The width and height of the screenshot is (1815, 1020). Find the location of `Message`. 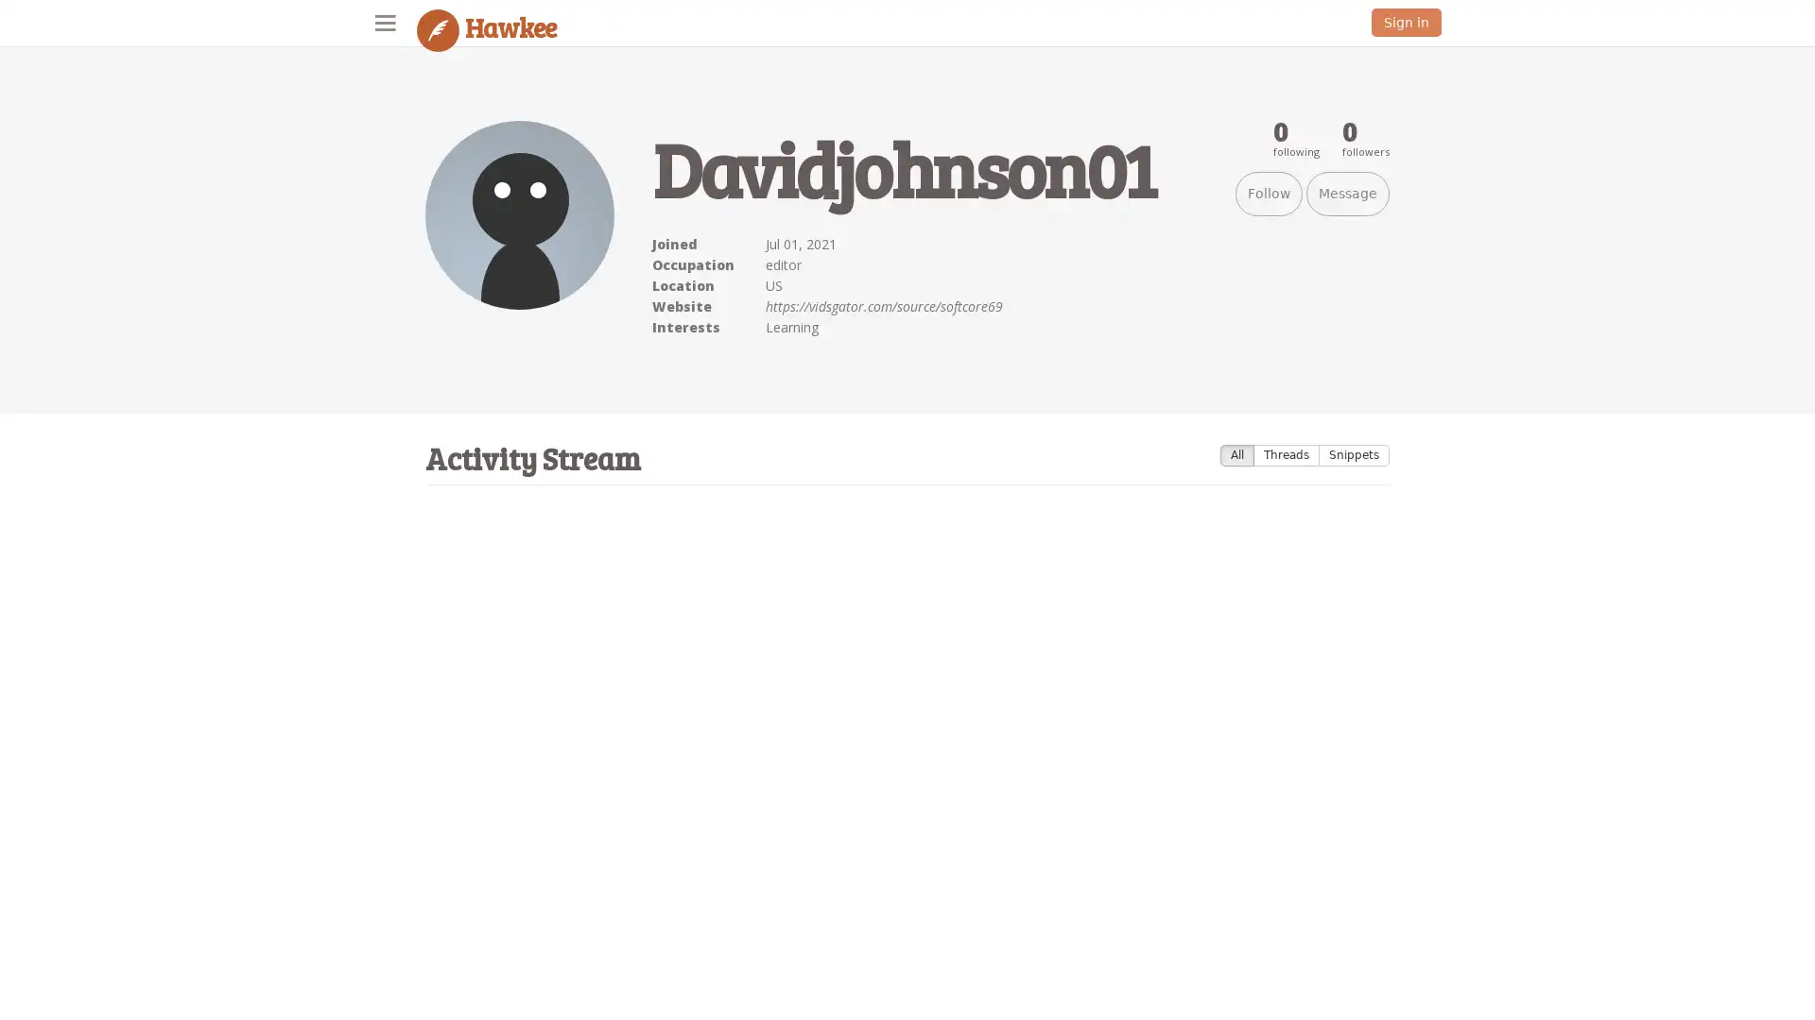

Message is located at coordinates (1346, 194).